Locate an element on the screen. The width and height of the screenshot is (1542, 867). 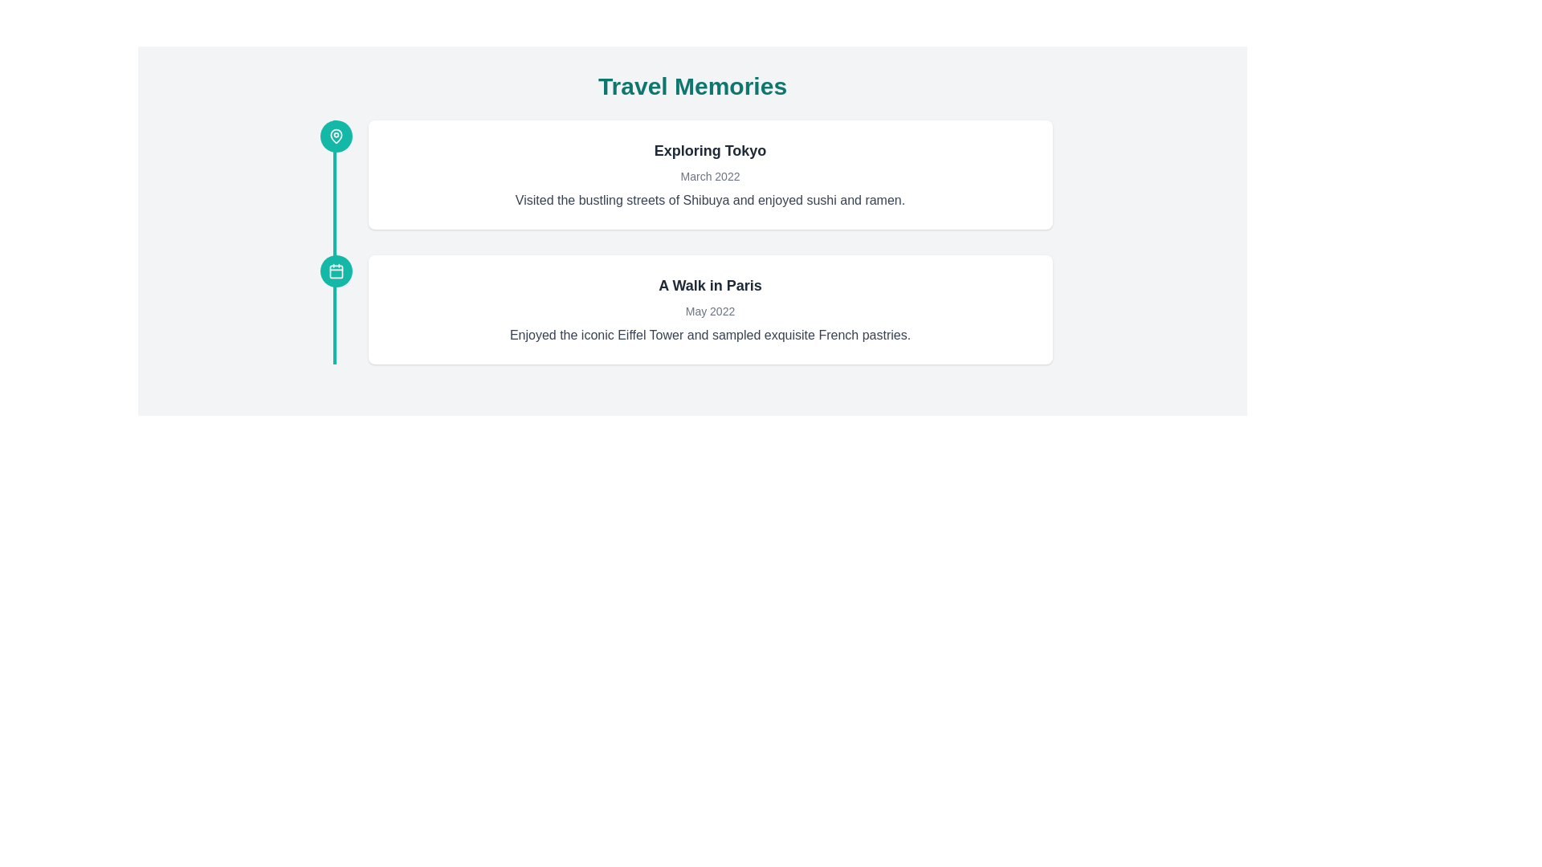
the information panel titled 'Exploring Tokyo', which includes the subtitle 'March 2022' and the description about visiting Shibuya is located at coordinates (709, 175).